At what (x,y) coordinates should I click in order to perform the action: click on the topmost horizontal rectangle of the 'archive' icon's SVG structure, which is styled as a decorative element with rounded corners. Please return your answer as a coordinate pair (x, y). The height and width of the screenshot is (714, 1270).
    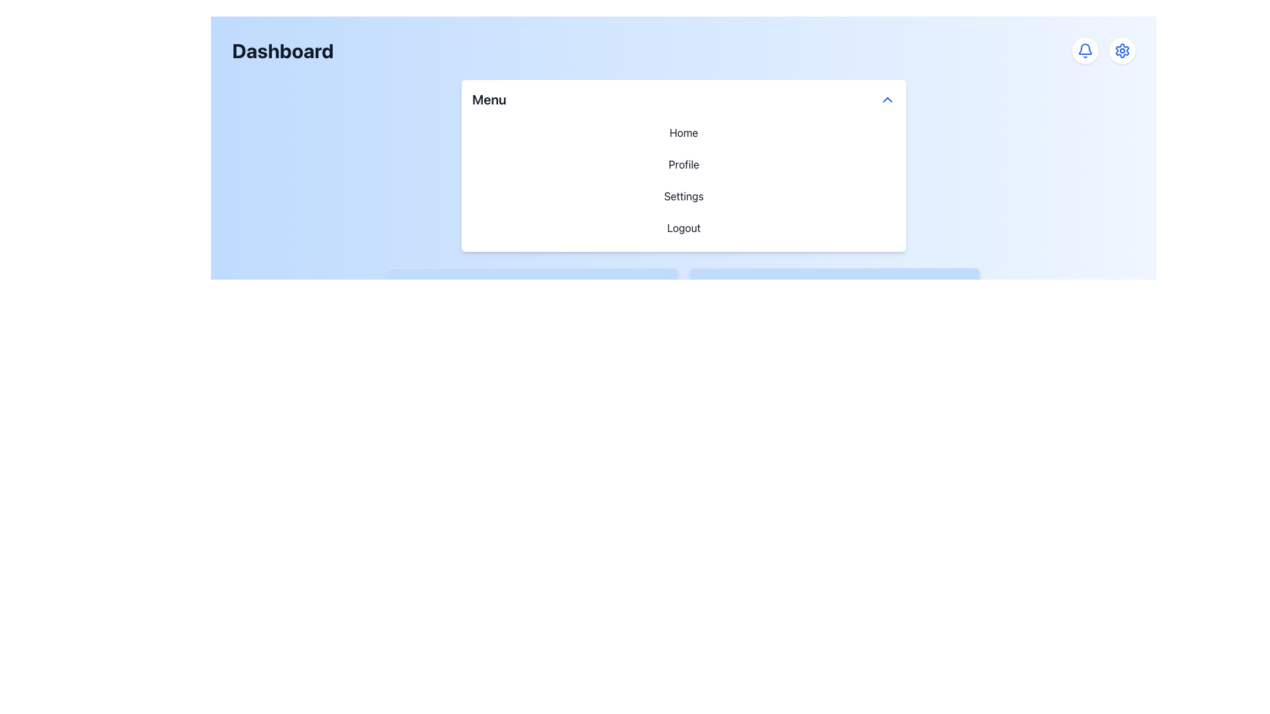
    Looking at the image, I should click on (405, 282).